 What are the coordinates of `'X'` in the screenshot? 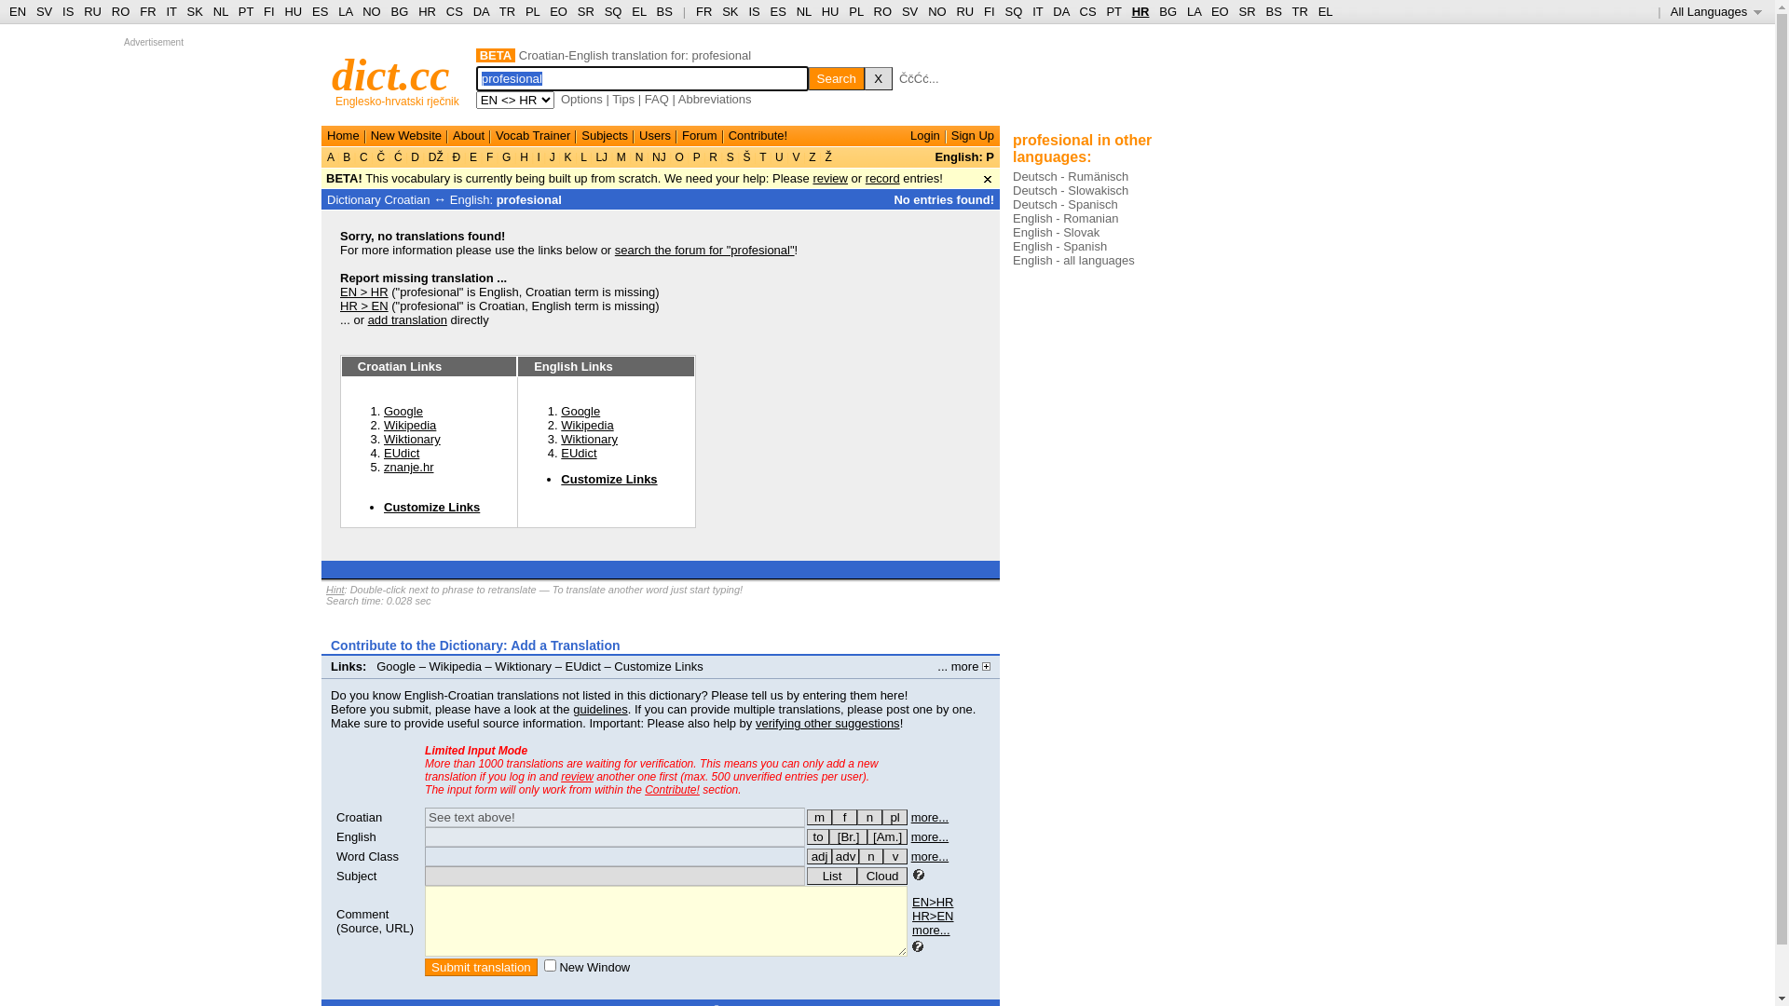 It's located at (877, 77).